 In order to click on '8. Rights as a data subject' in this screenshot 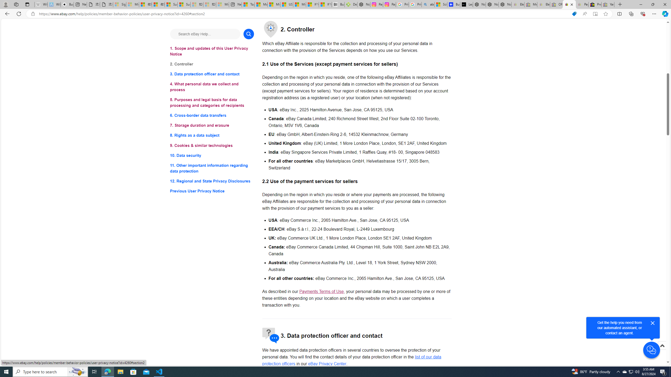, I will do `click(212, 135)`.